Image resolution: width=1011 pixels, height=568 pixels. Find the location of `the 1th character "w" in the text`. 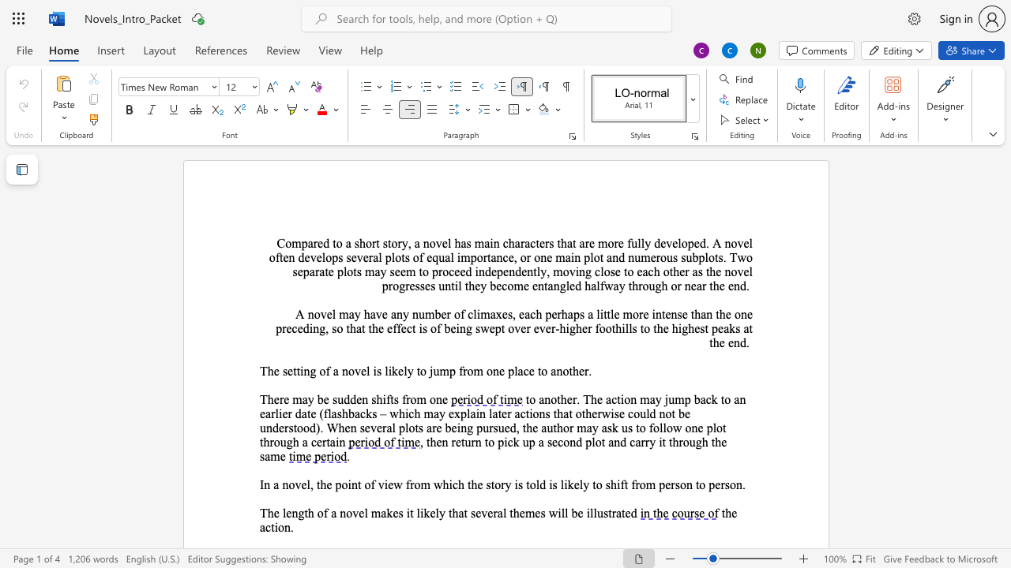

the 1th character "w" in the text is located at coordinates (741, 256).